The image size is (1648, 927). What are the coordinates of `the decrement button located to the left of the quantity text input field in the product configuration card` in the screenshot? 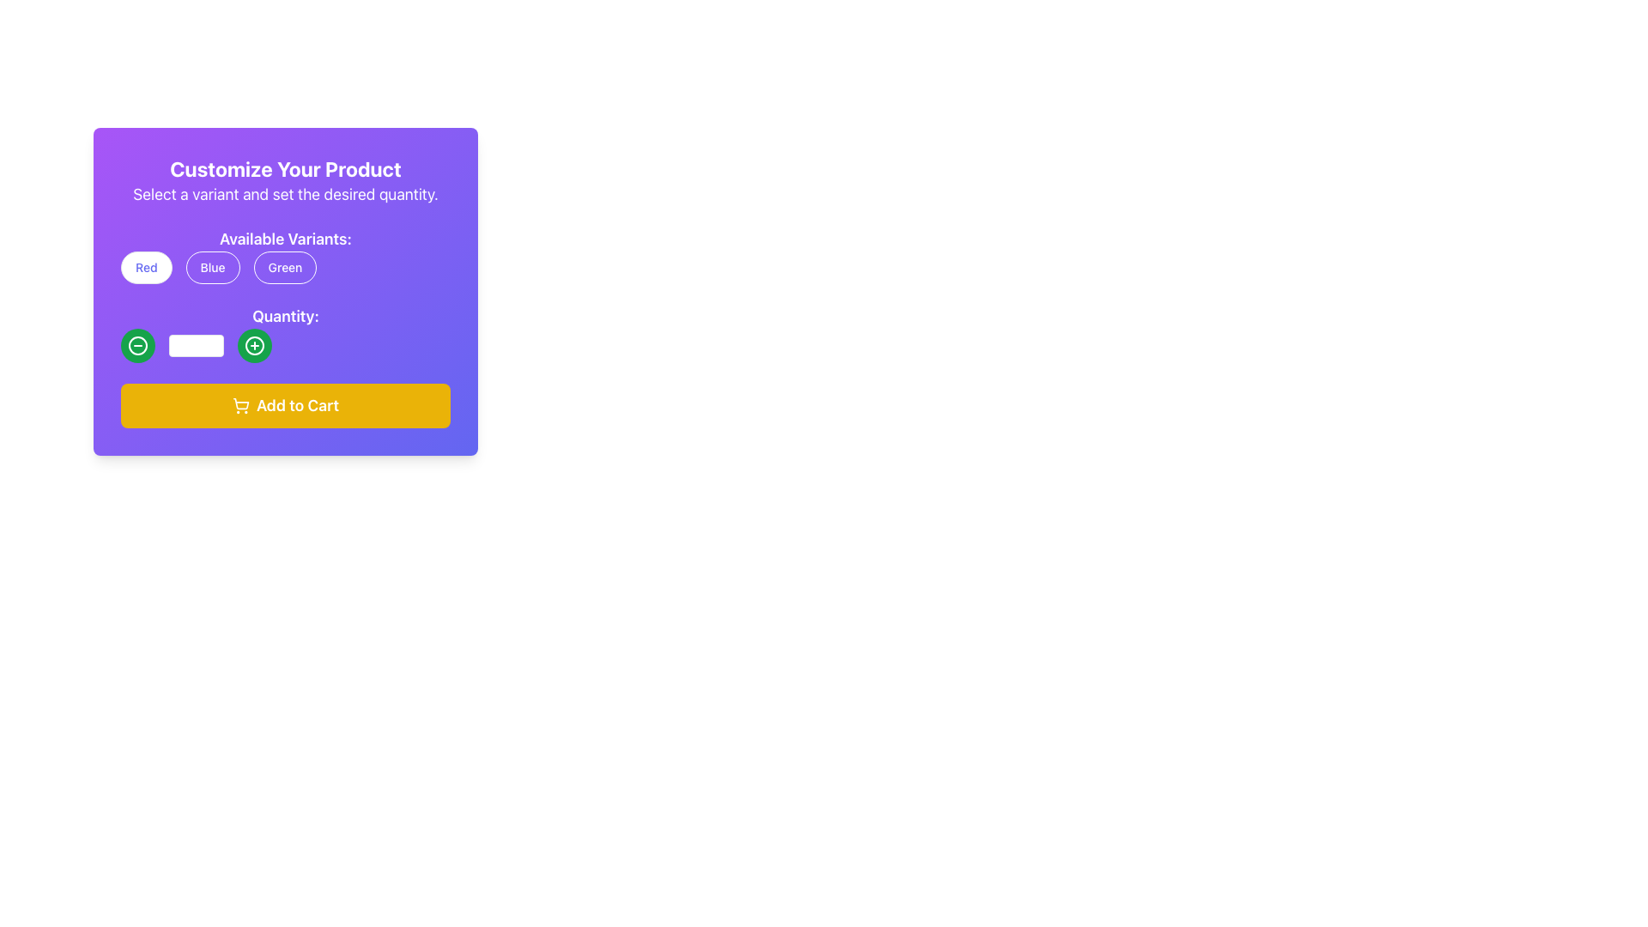 It's located at (138, 345).